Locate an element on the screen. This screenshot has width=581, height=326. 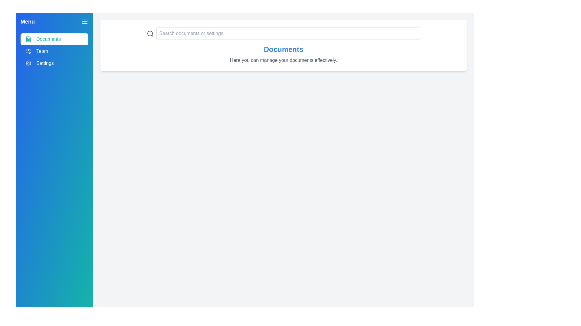
the section Documents from the menu is located at coordinates (54, 39).